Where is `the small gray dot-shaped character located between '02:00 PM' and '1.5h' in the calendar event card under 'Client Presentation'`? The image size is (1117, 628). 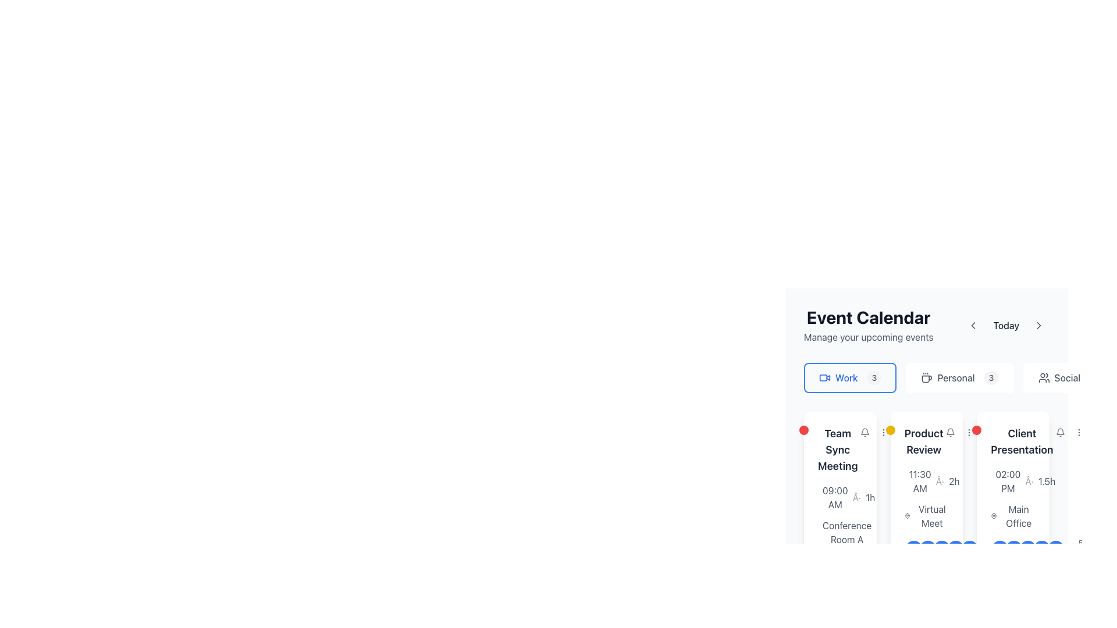
the small gray dot-shaped character located between '02:00 PM' and '1.5h' in the calendar event card under 'Client Presentation' is located at coordinates (1029, 481).